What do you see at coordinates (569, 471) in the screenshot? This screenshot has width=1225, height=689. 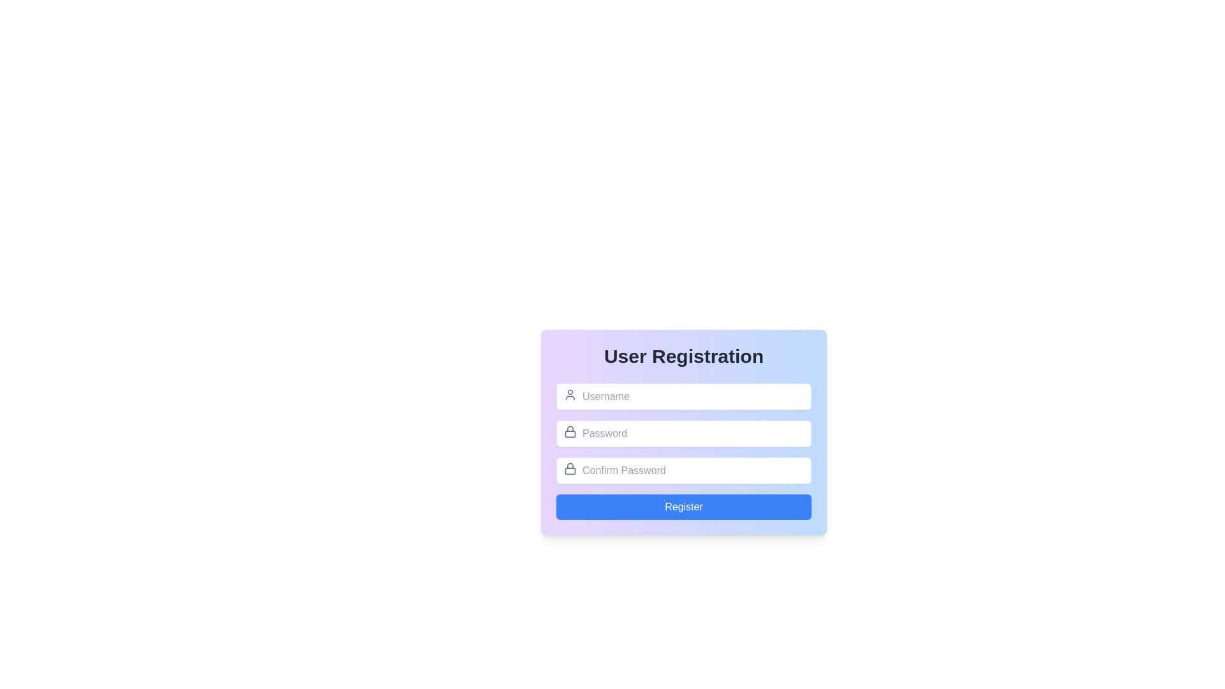 I see `the small rectangular shape located within the padlock icon of the 'Confirm Password' input field in the 'User Registration' form` at bounding box center [569, 471].